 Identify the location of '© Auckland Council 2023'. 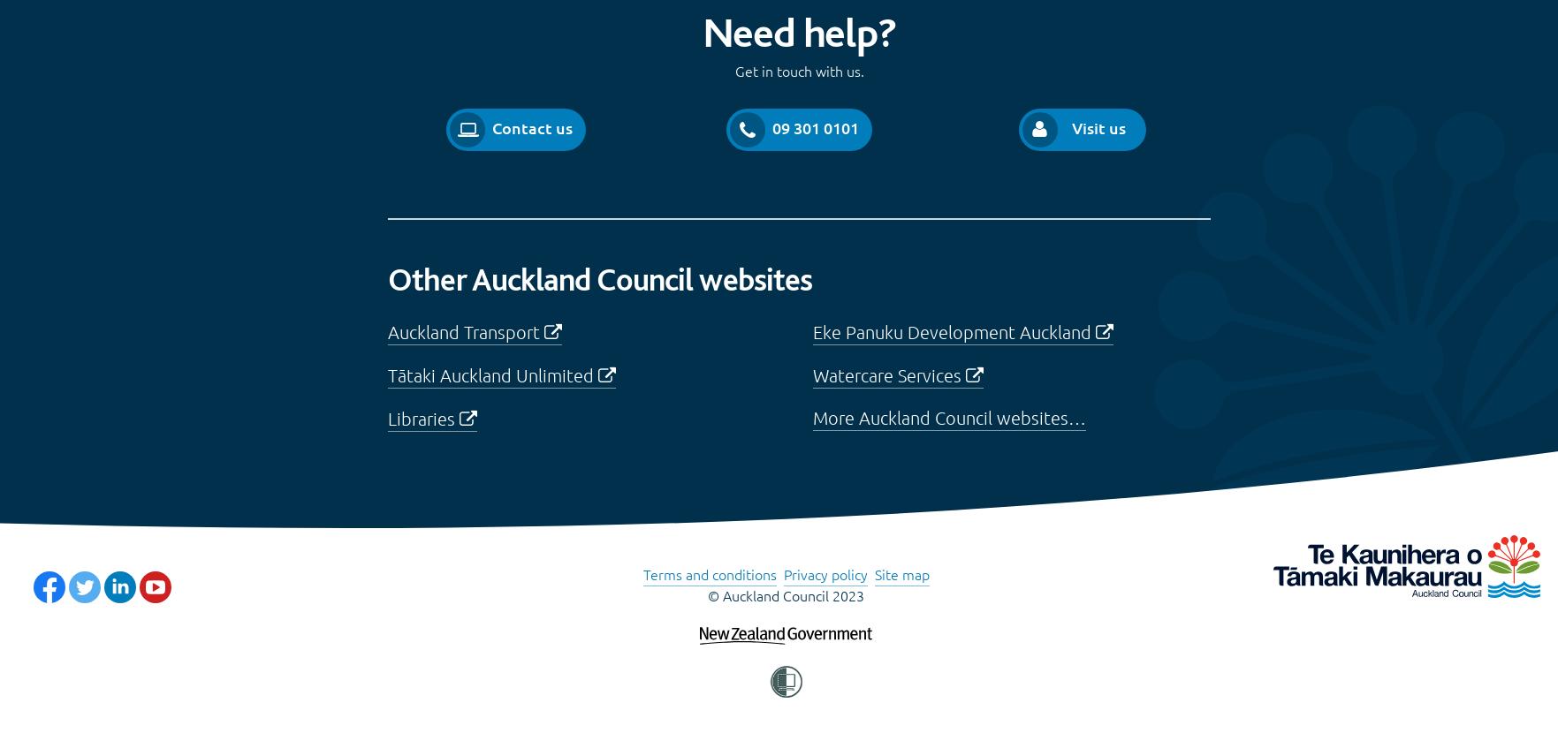
(785, 594).